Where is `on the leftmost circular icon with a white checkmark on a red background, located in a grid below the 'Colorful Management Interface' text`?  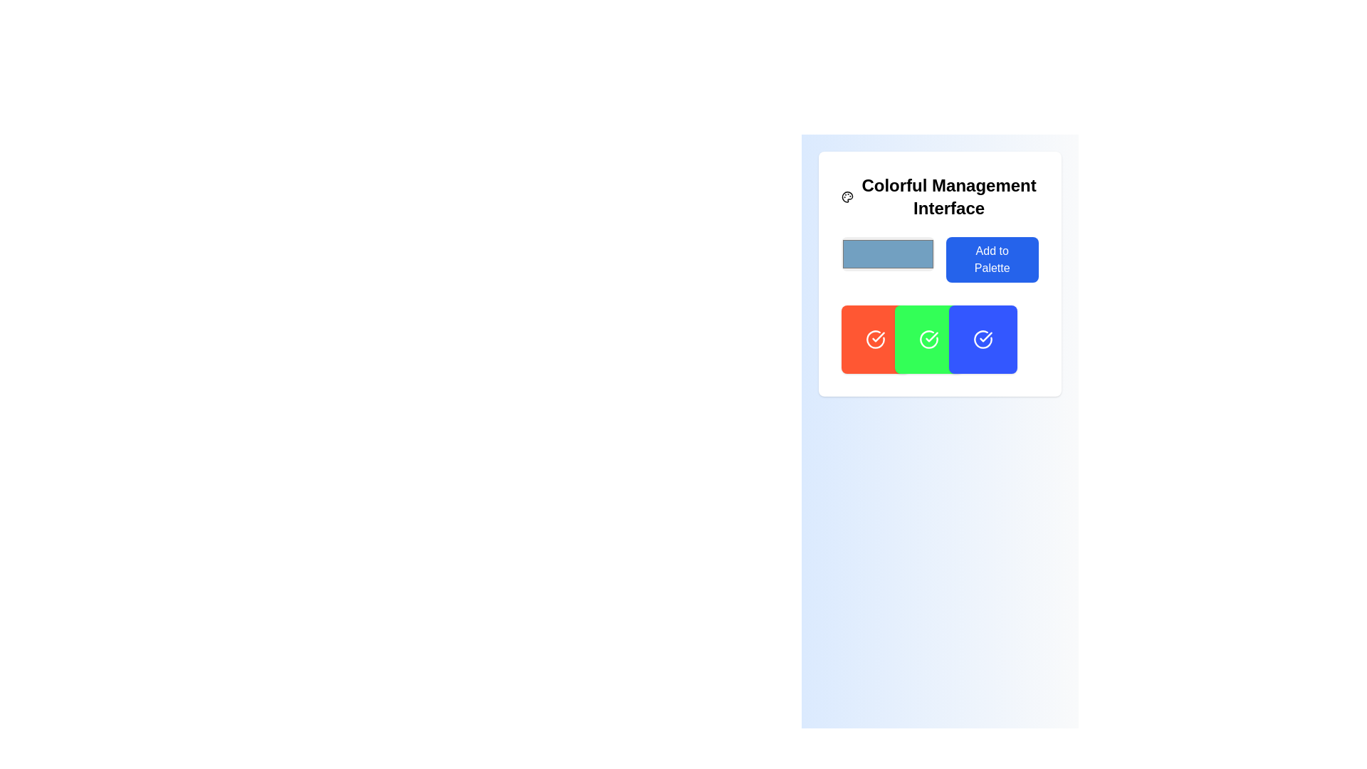 on the leftmost circular icon with a white checkmark on a red background, located in a grid below the 'Colorful Management Interface' text is located at coordinates (874, 340).